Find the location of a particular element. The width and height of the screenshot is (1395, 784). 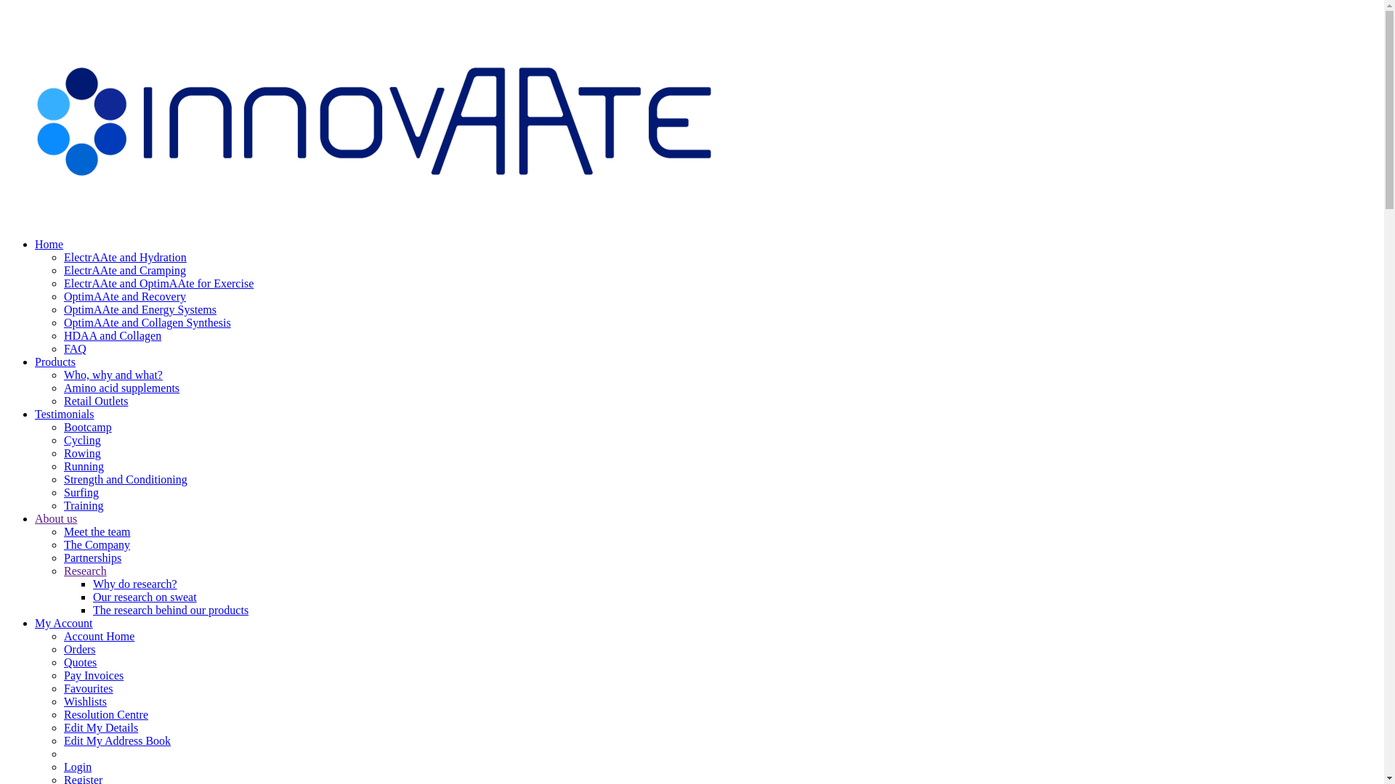

'Bootcamp' is located at coordinates (86, 426).